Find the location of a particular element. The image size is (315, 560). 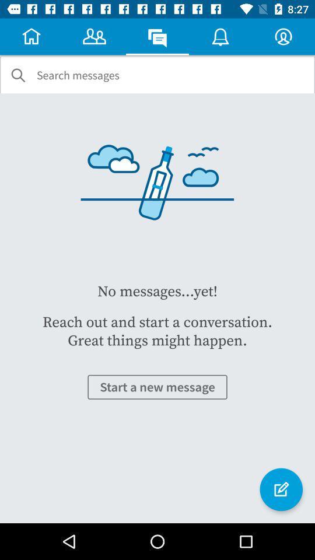

the notification icon on top of the page is located at coordinates (220, 36).